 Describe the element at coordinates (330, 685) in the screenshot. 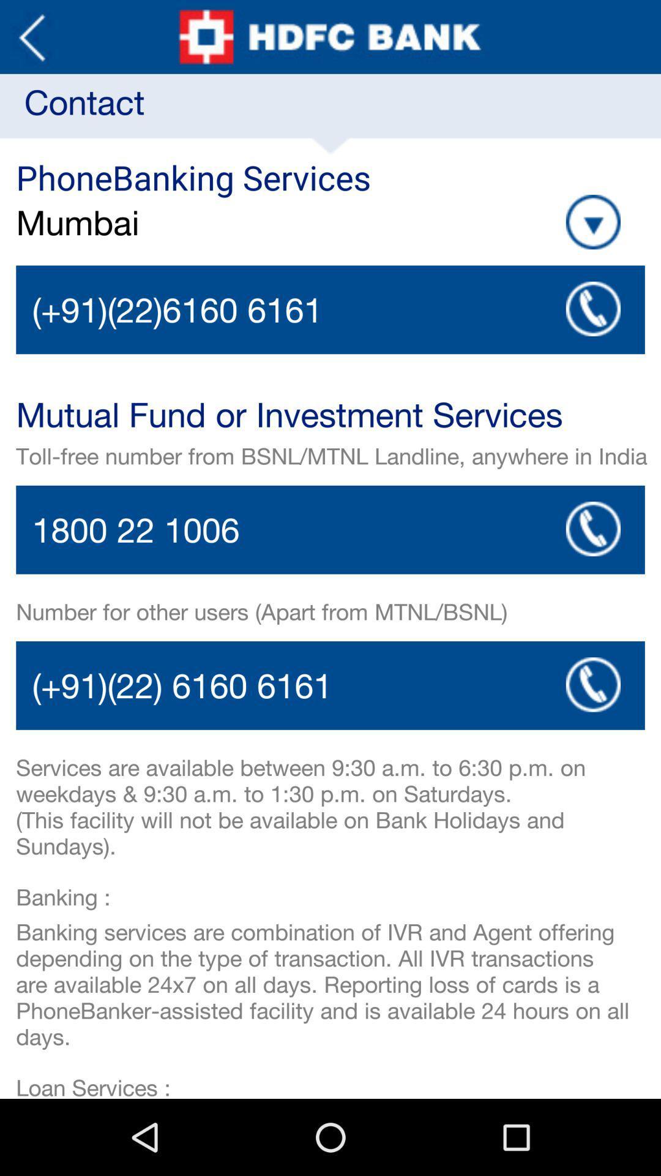

I see `call` at that location.